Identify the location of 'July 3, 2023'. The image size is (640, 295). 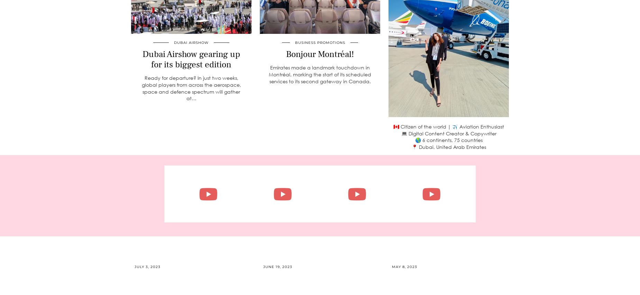
(147, 266).